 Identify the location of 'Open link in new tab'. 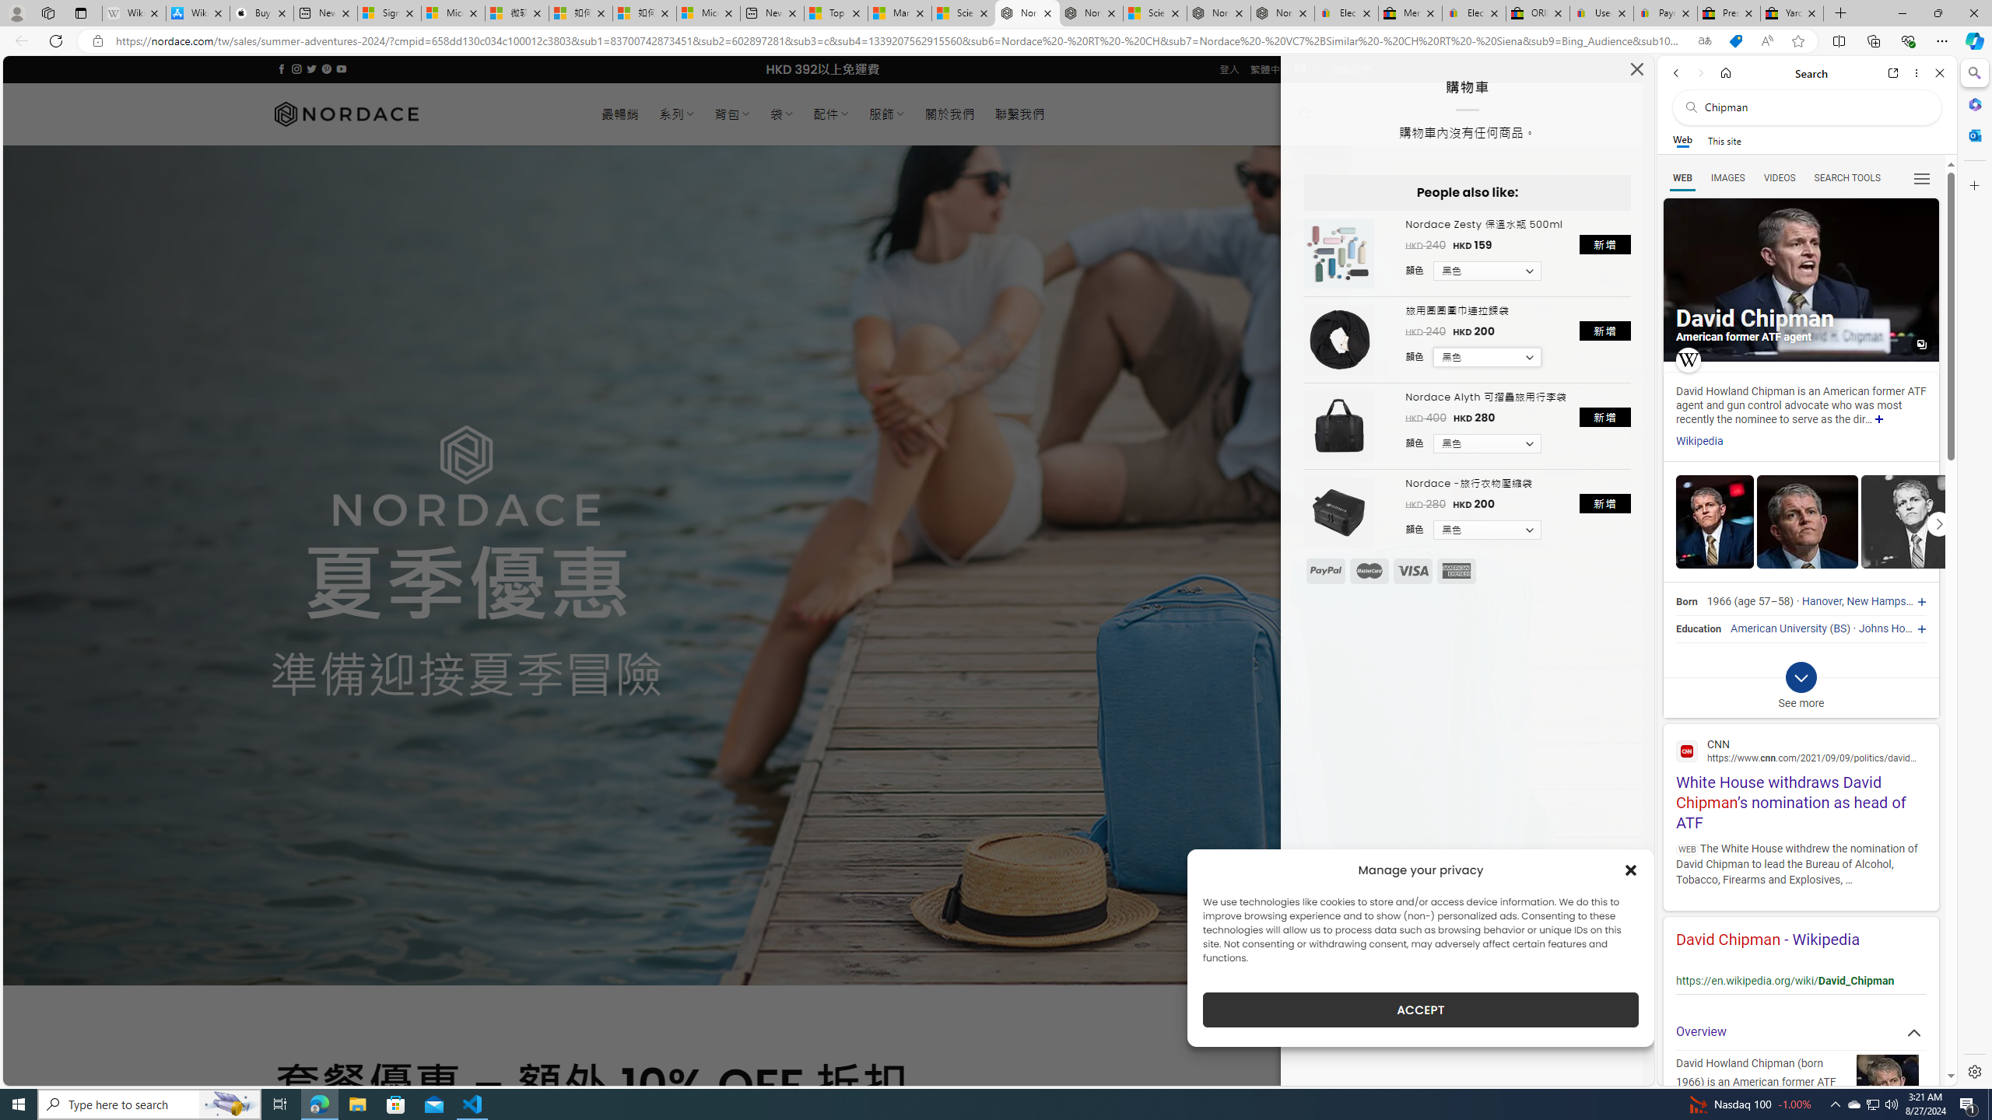
(1893, 72).